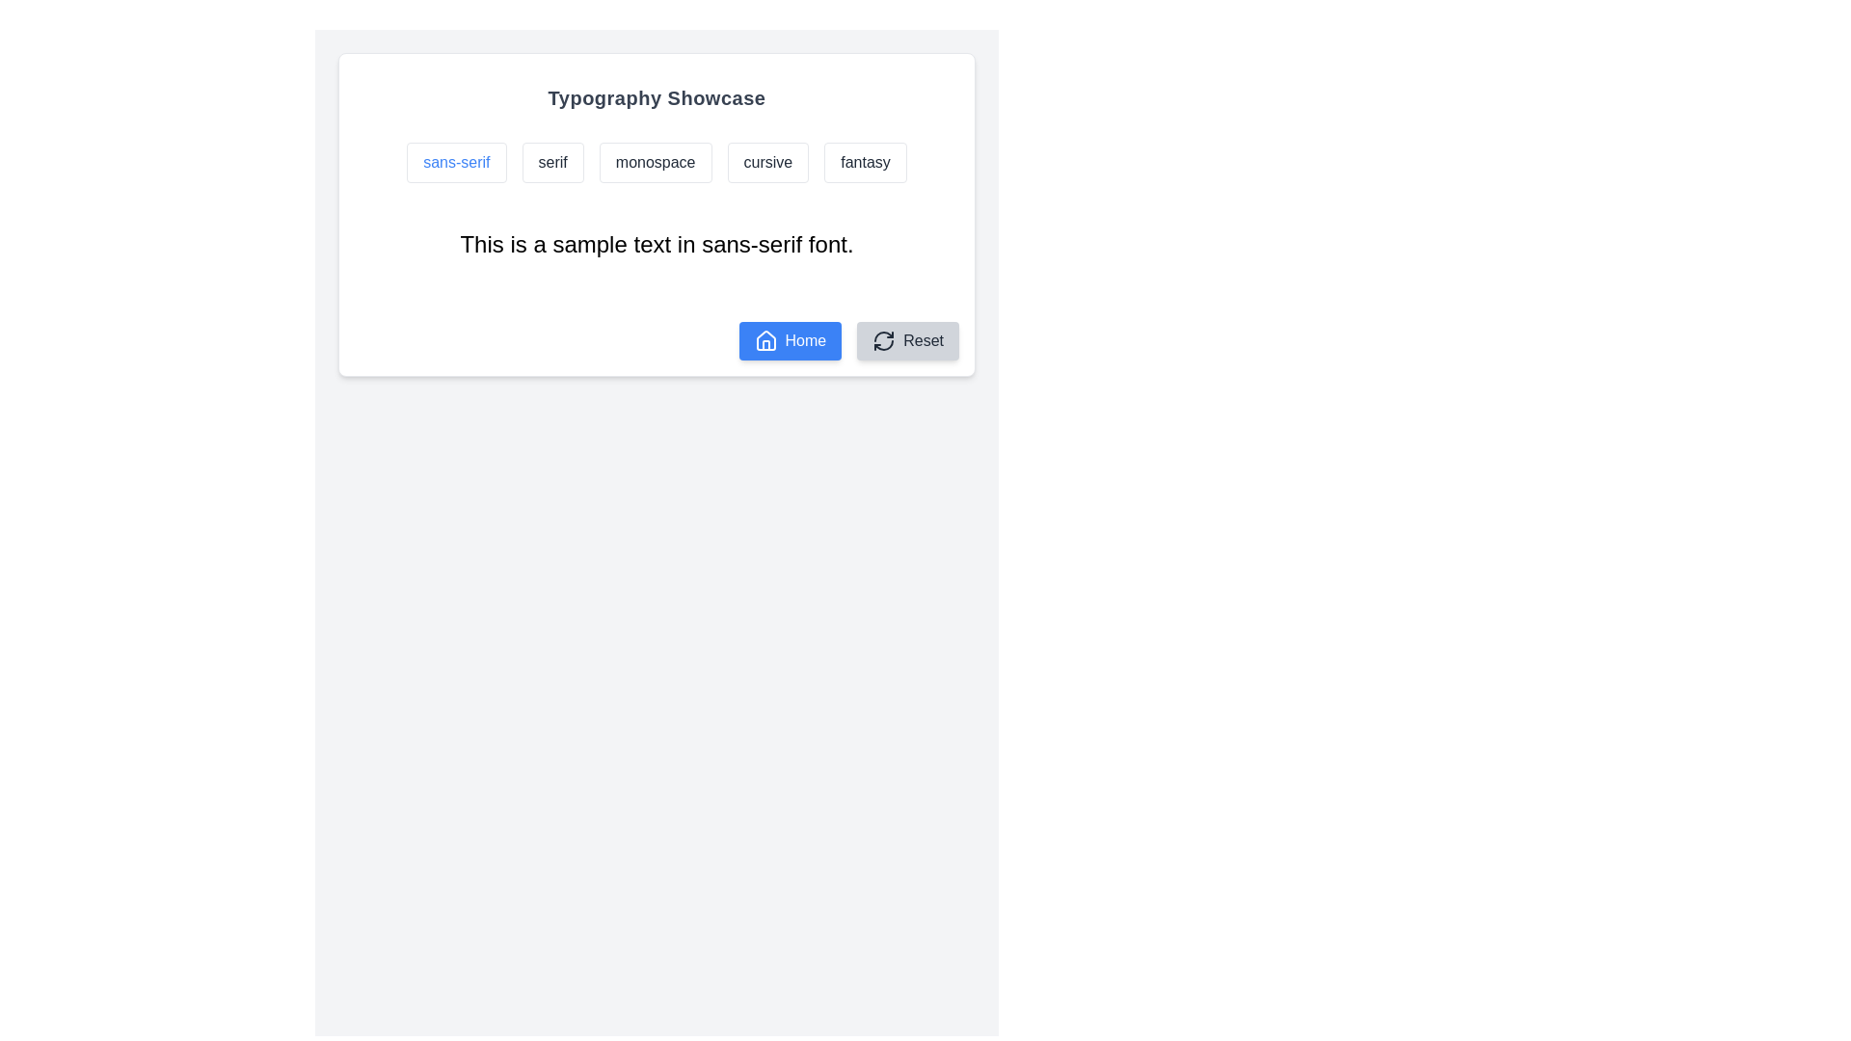  Describe the element at coordinates (551, 162) in the screenshot. I see `the 'serif' button, which is a rectangular UI element with rounded corners displaying the text 'serif' in dark gray, centrally located in the upper portion of the interface between 'sans-serif' and 'monospace'` at that location.